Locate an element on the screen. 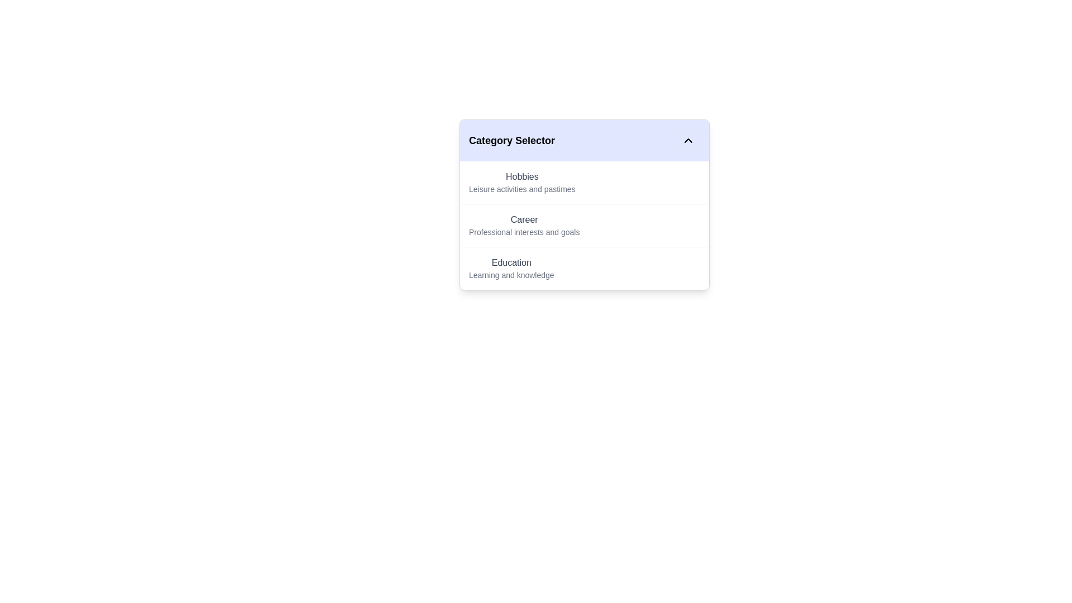 This screenshot has width=1072, height=603. the 'Education' text label, which is the third item in the dropdown menu, below 'Hobbies' and 'Career' is located at coordinates (511, 269).